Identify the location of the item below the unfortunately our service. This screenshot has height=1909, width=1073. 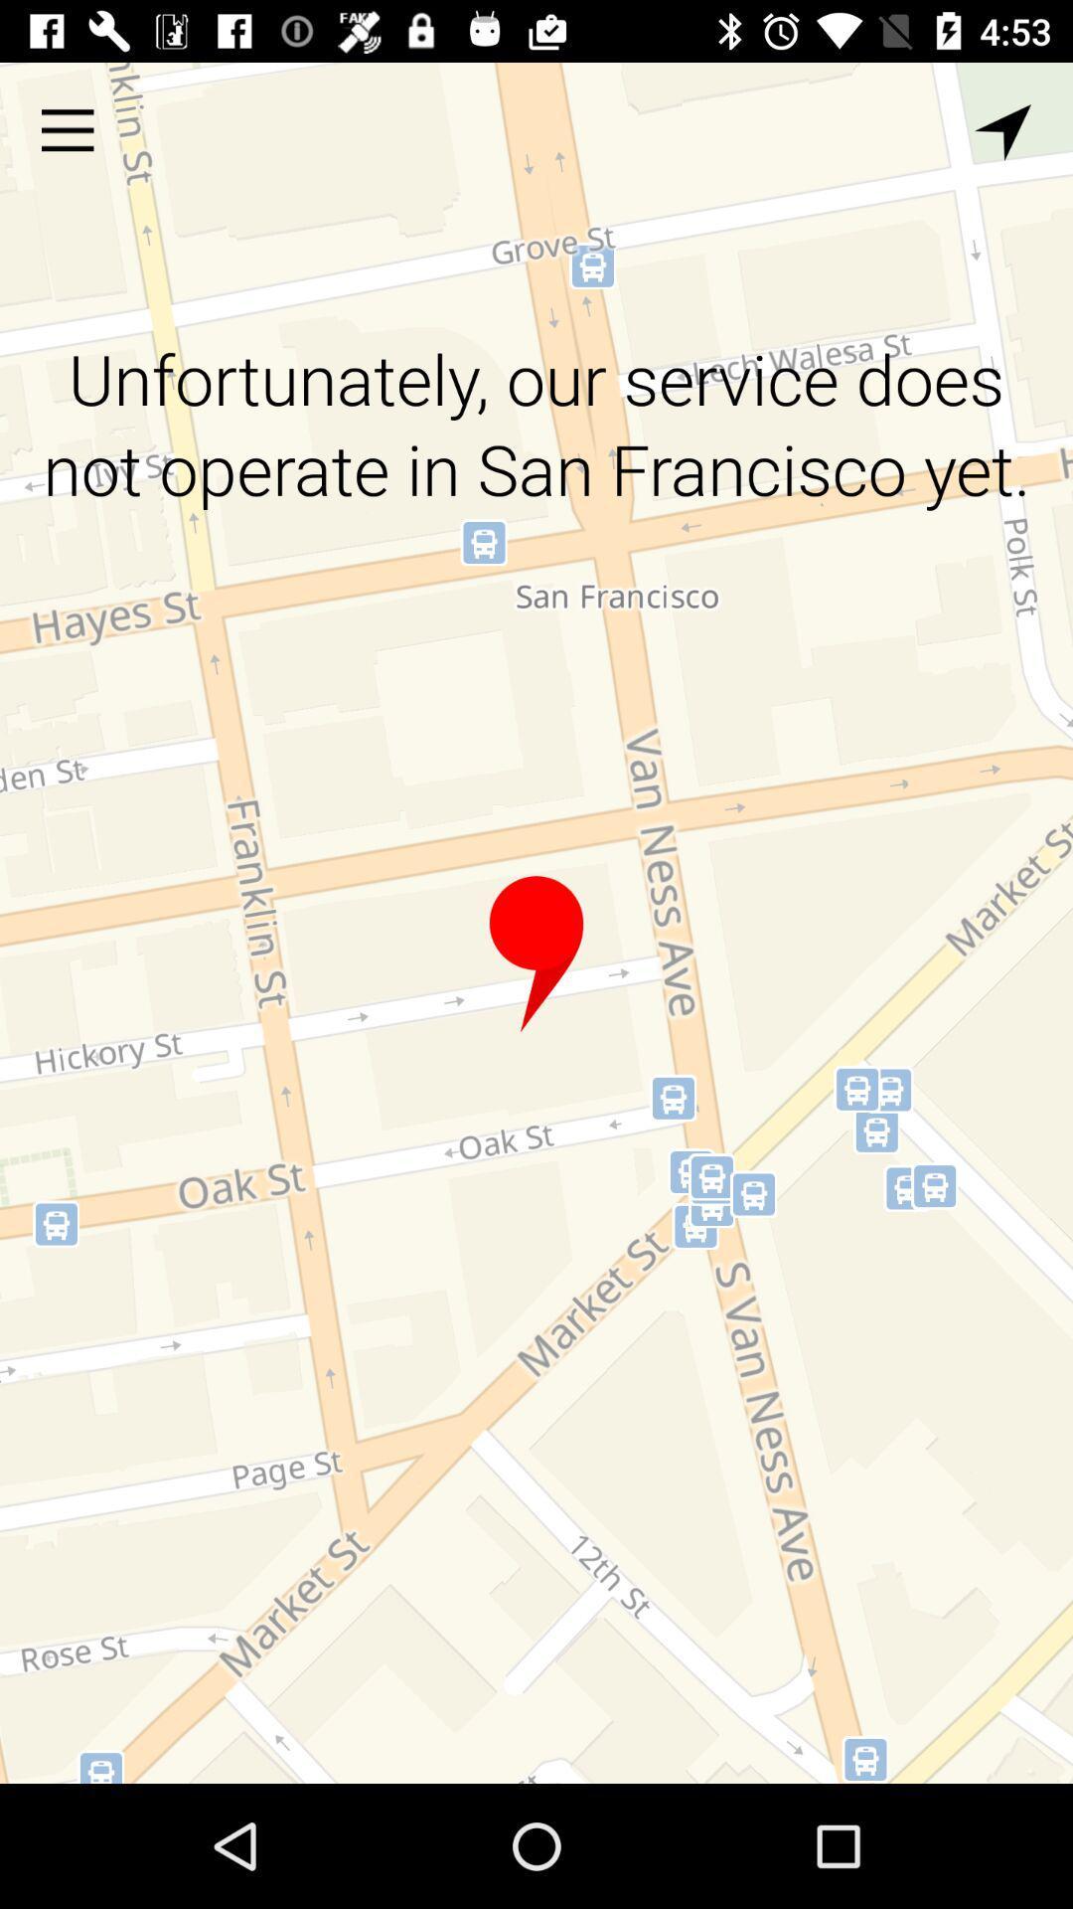
(536, 954).